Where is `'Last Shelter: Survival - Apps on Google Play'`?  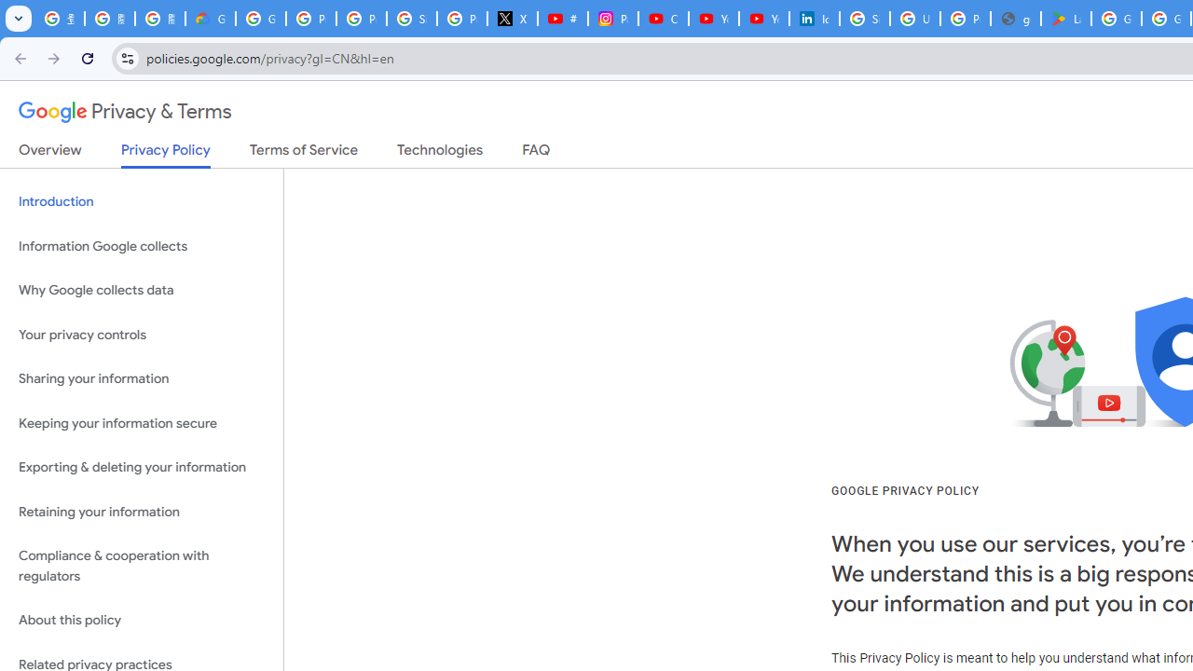
'Last Shelter: Survival - Apps on Google Play' is located at coordinates (1066, 19).